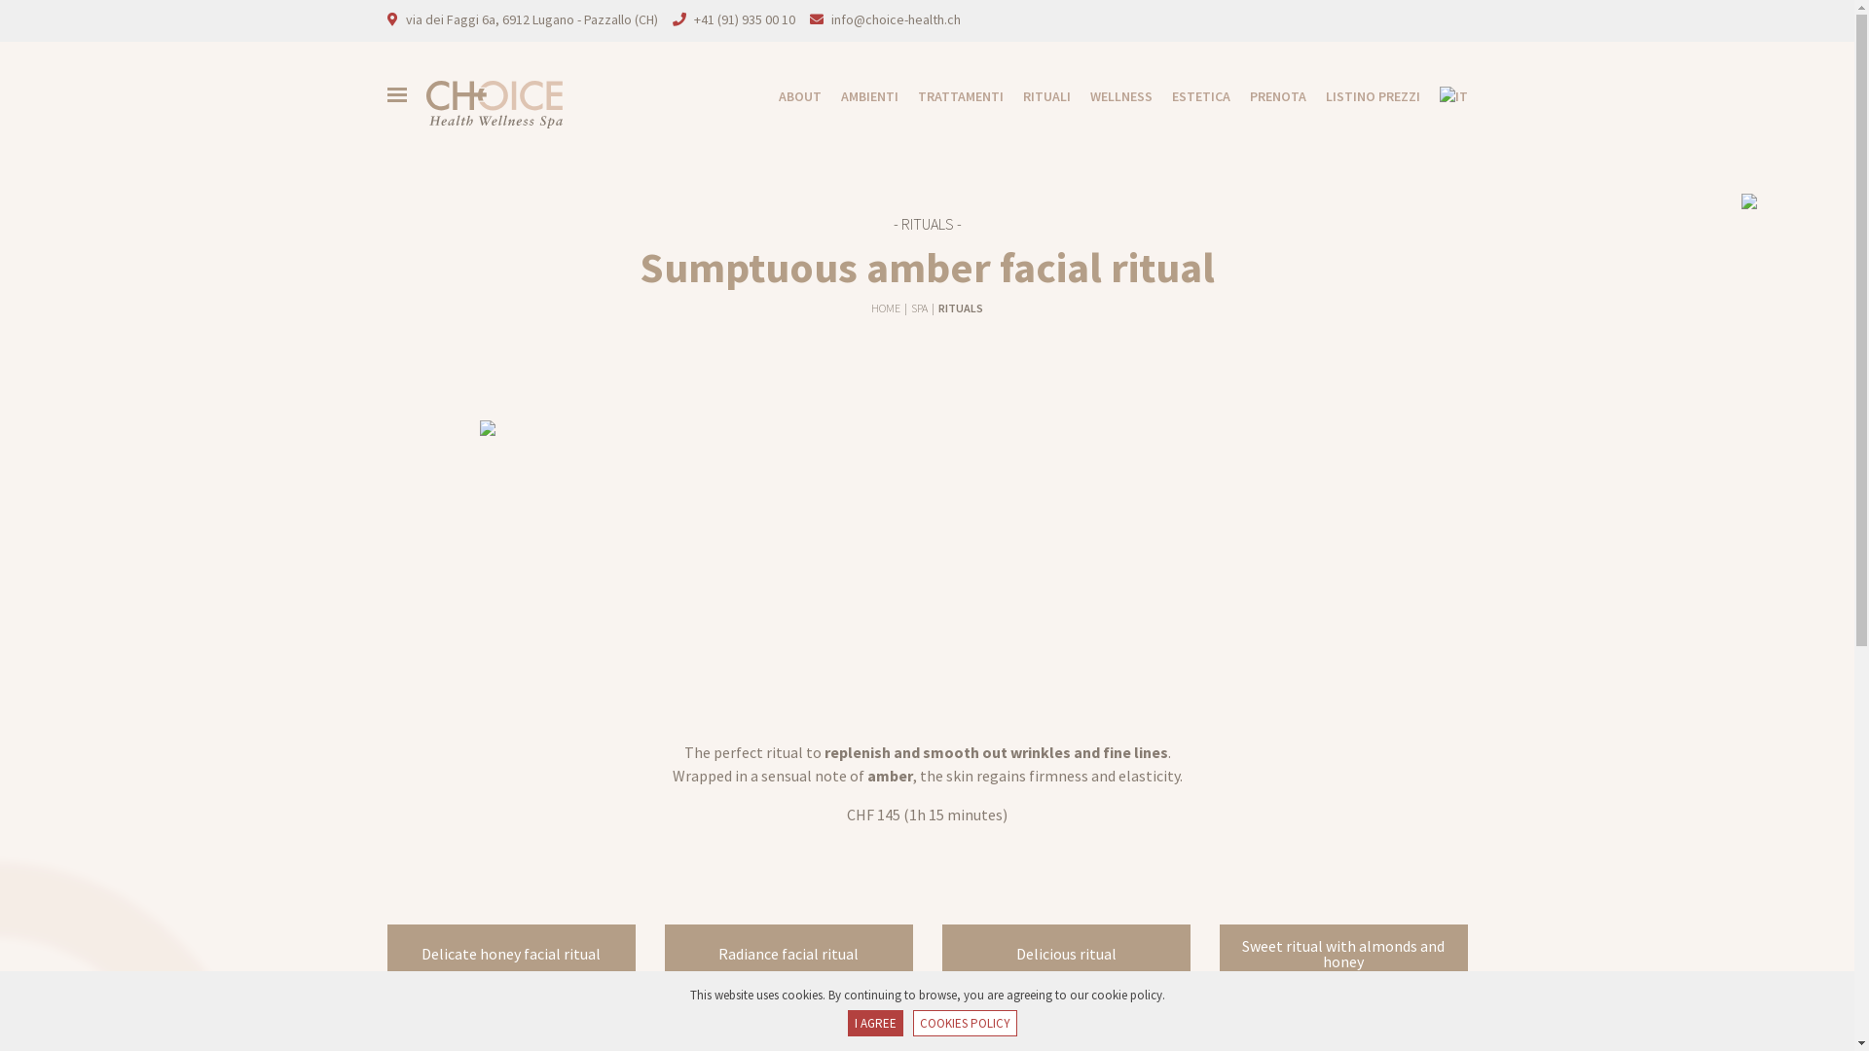 The image size is (1869, 1051). What do you see at coordinates (886, 307) in the screenshot?
I see `'HOME'` at bounding box center [886, 307].